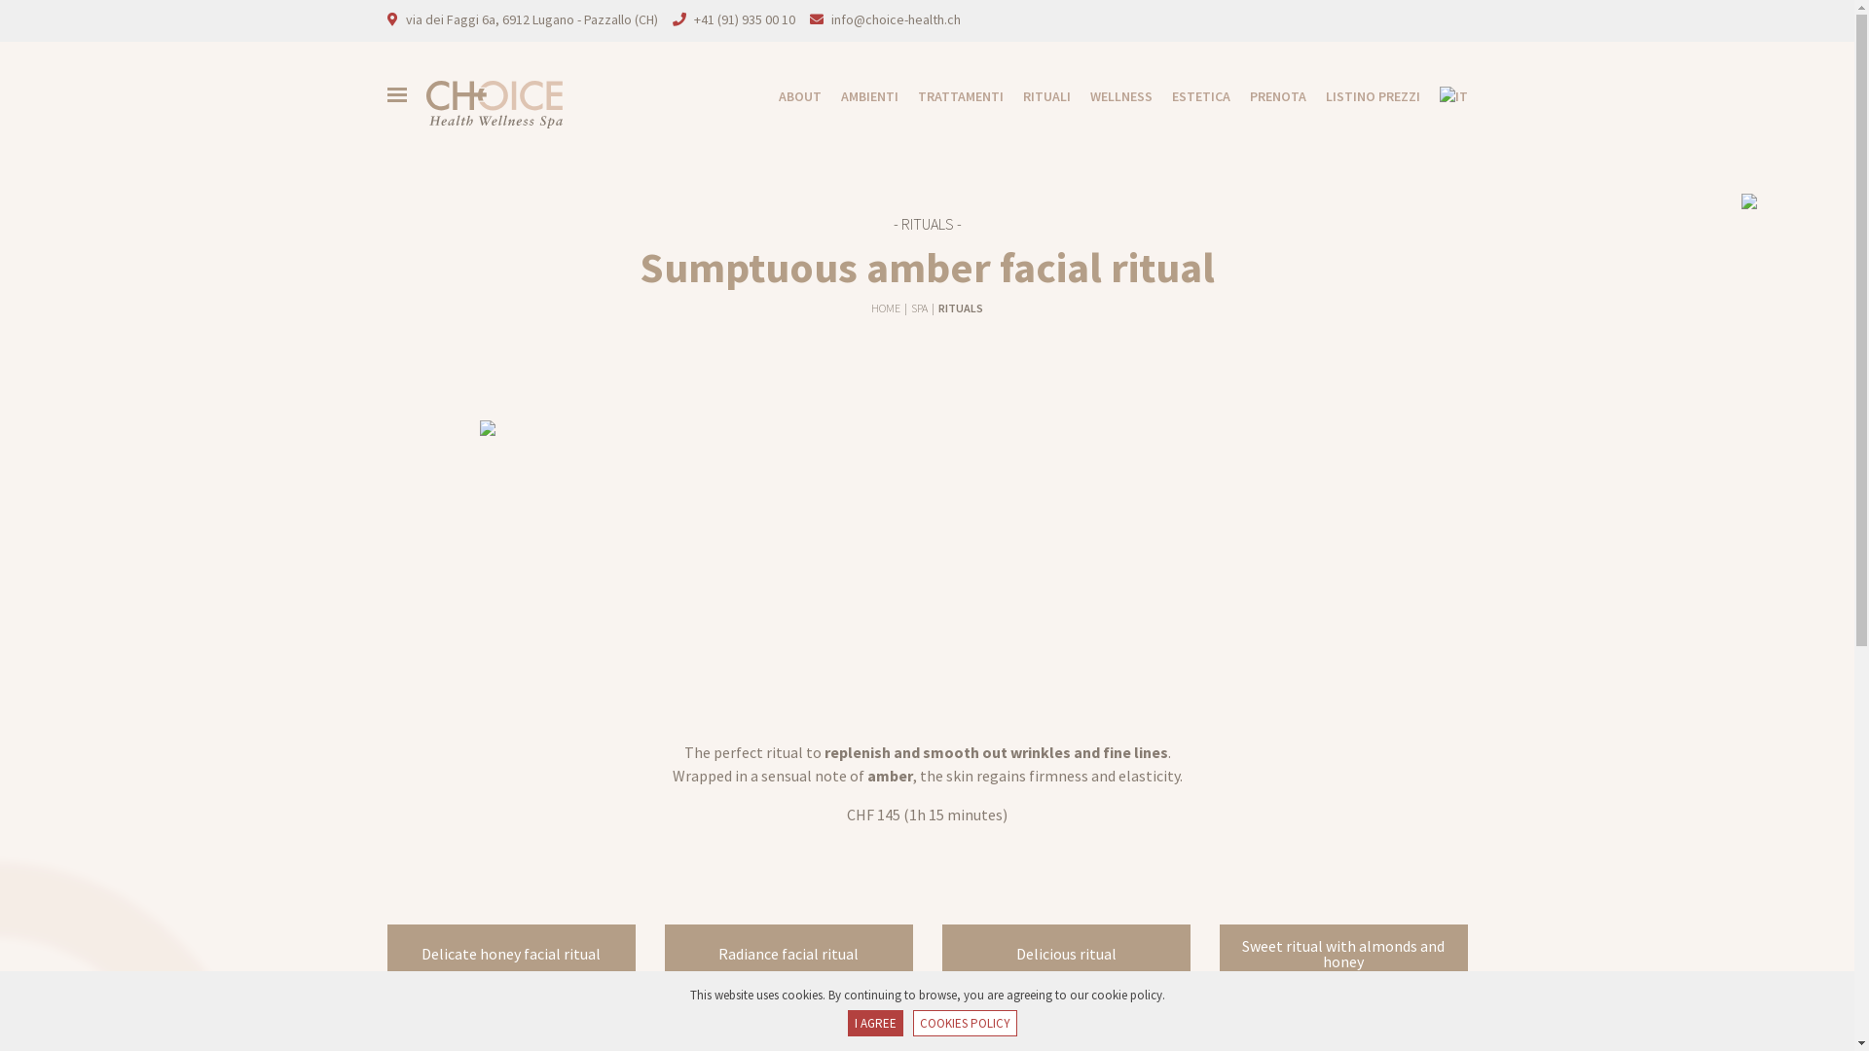 The image size is (1869, 1051). What do you see at coordinates (886, 307) in the screenshot?
I see `'HOME'` at bounding box center [886, 307].